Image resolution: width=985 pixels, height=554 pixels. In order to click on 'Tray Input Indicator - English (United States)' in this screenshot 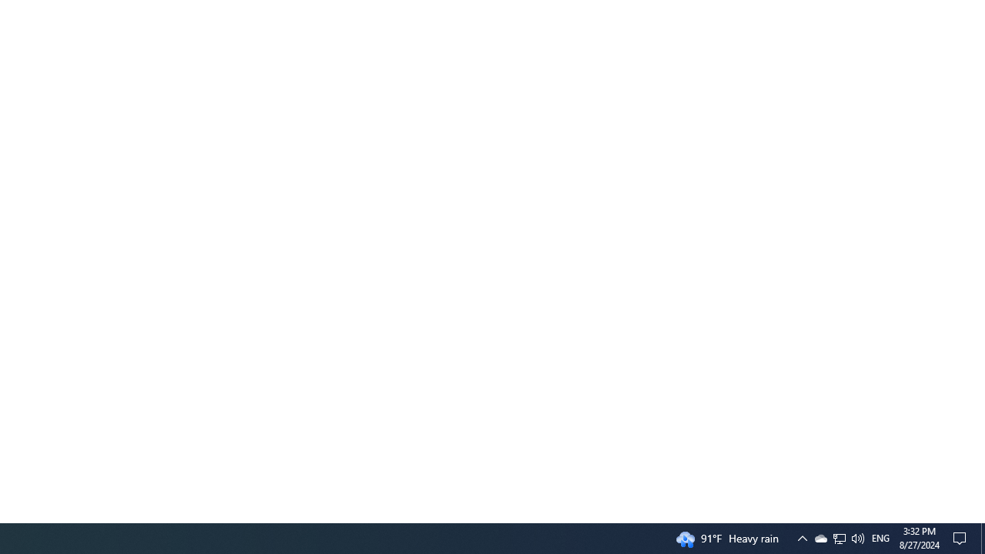, I will do `click(880, 537)`.